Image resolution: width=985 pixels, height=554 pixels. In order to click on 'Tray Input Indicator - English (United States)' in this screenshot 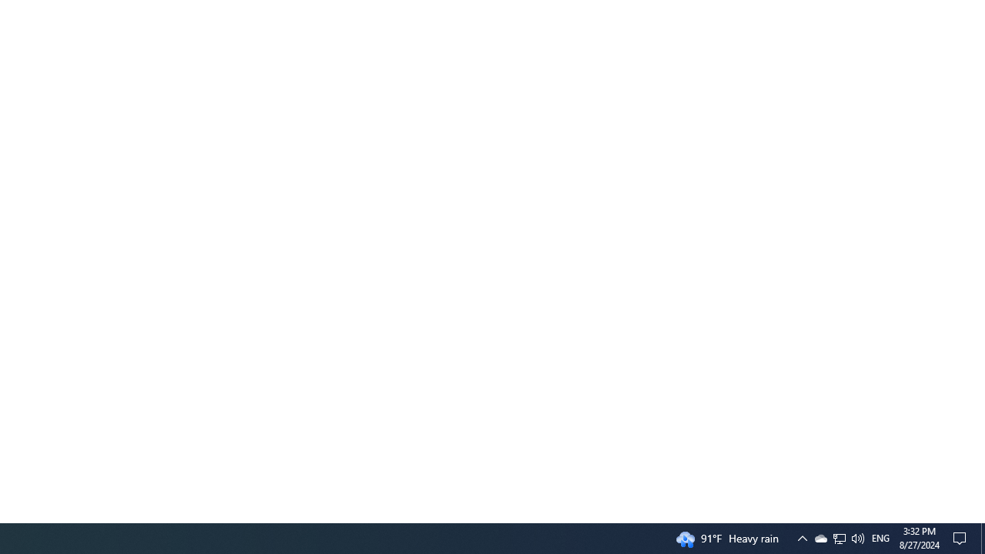, I will do `click(880, 537)`.